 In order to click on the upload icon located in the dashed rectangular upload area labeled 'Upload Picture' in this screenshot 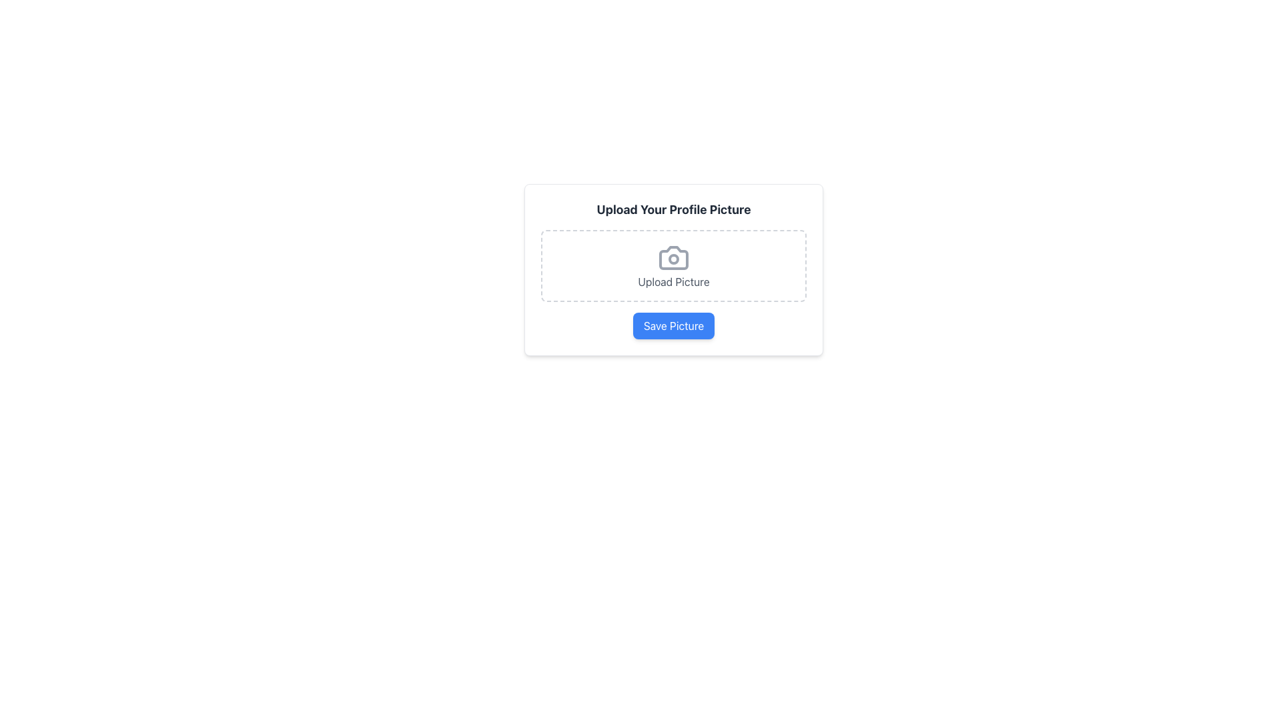, I will do `click(673, 257)`.